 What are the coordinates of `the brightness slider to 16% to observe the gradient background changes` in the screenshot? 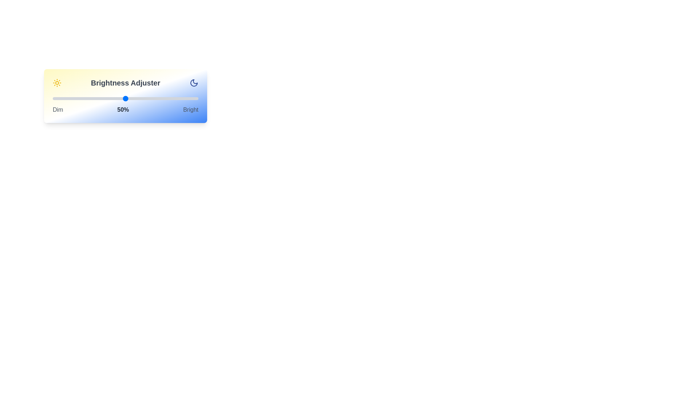 It's located at (76, 98).